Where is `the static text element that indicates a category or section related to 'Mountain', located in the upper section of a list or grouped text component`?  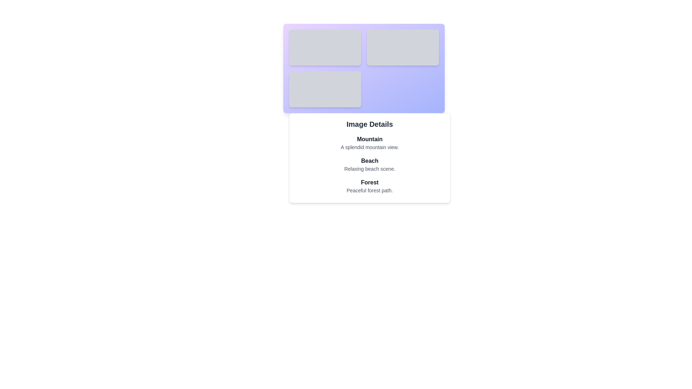
the static text element that indicates a category or section related to 'Mountain', located in the upper section of a list or grouped text component is located at coordinates (370, 139).